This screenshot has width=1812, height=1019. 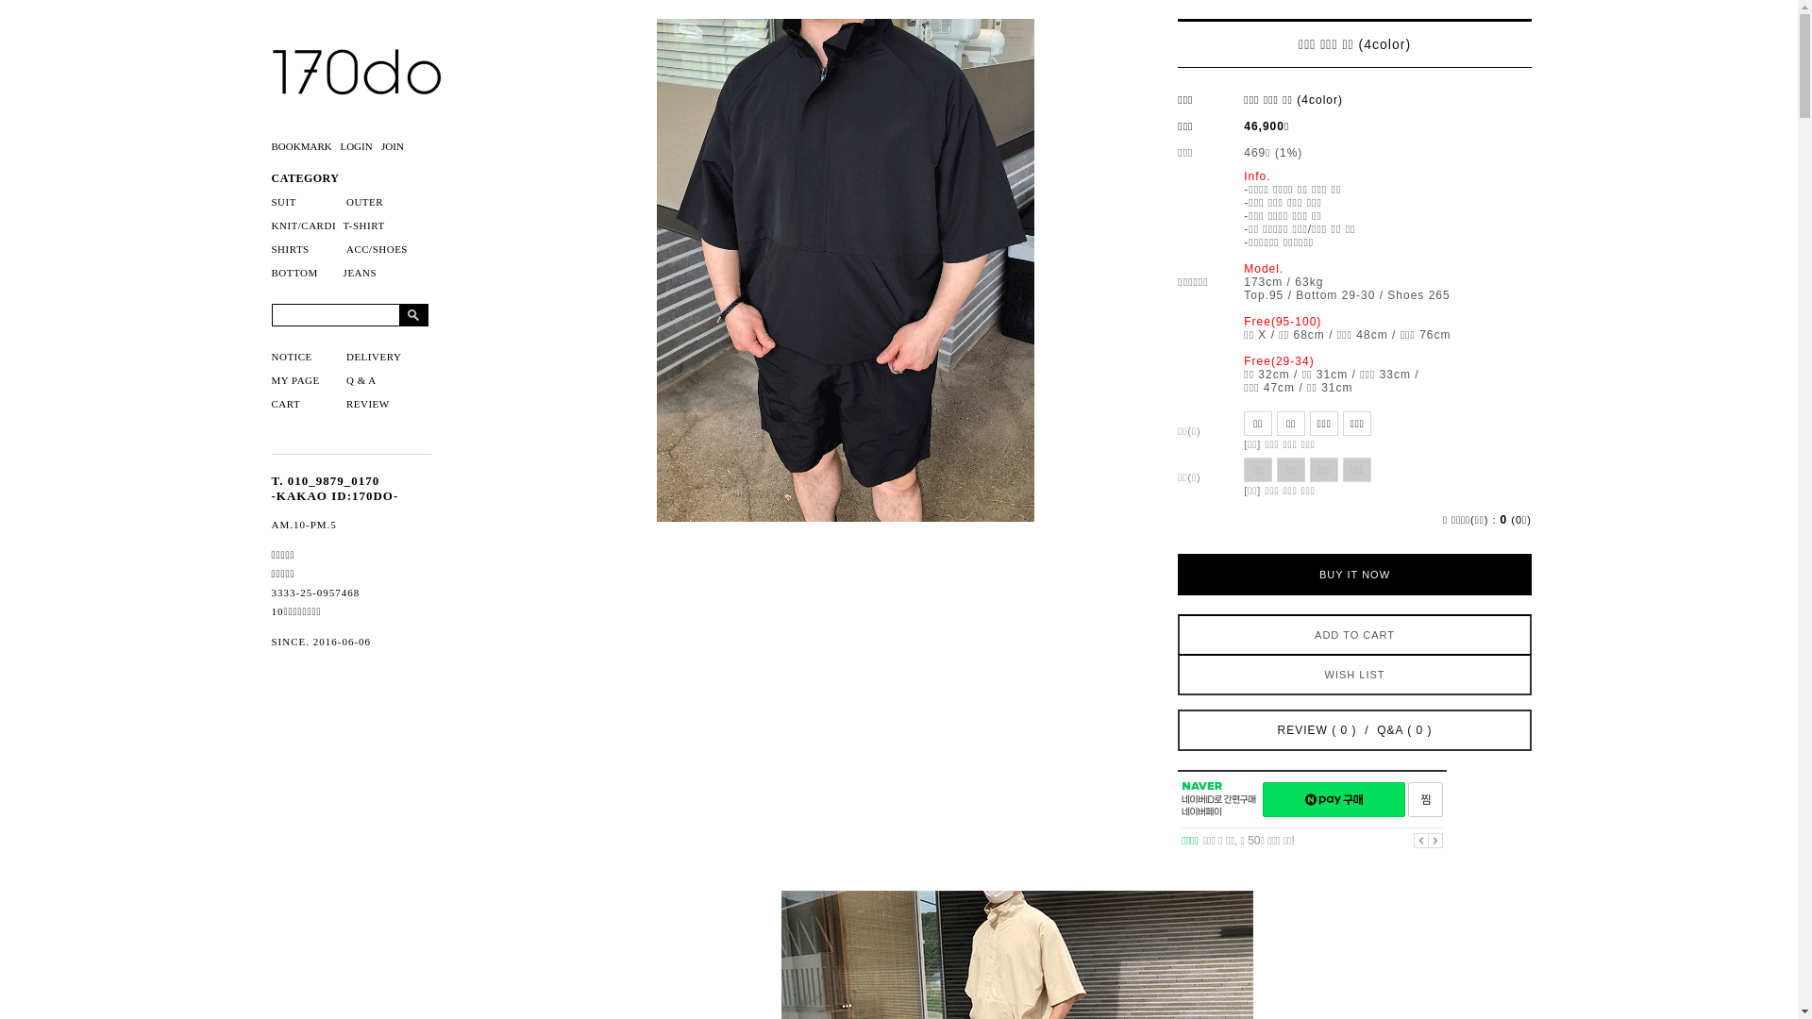 What do you see at coordinates (394, 144) in the screenshot?
I see `'JOIN'` at bounding box center [394, 144].